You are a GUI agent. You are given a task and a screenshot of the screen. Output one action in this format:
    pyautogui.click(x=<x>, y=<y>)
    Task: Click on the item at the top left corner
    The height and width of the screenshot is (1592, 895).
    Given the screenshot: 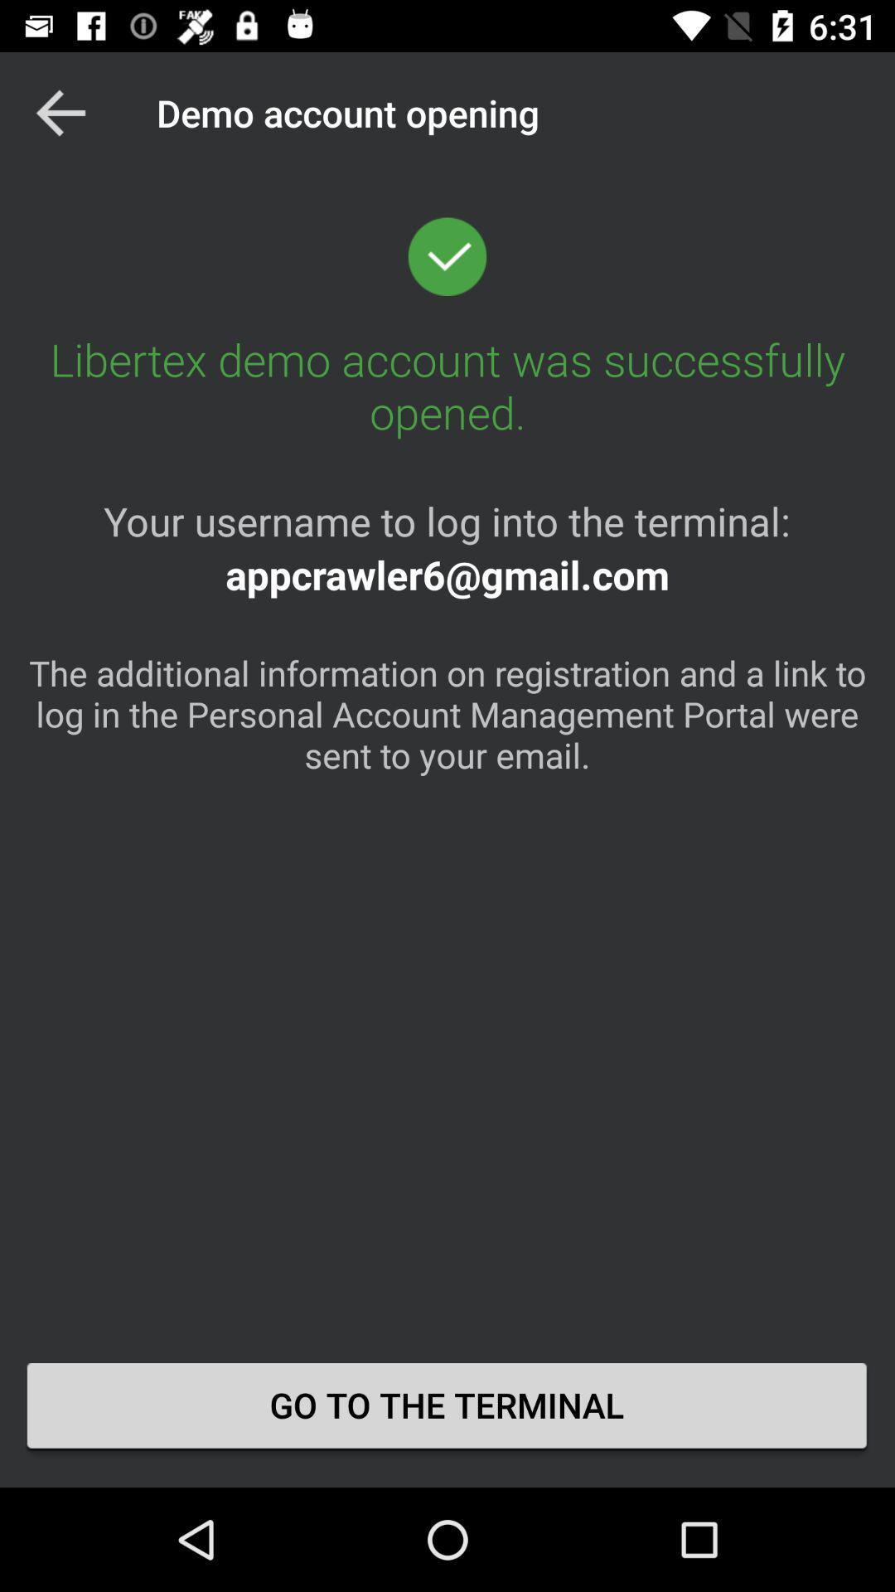 What is the action you would take?
    pyautogui.click(x=60, y=112)
    